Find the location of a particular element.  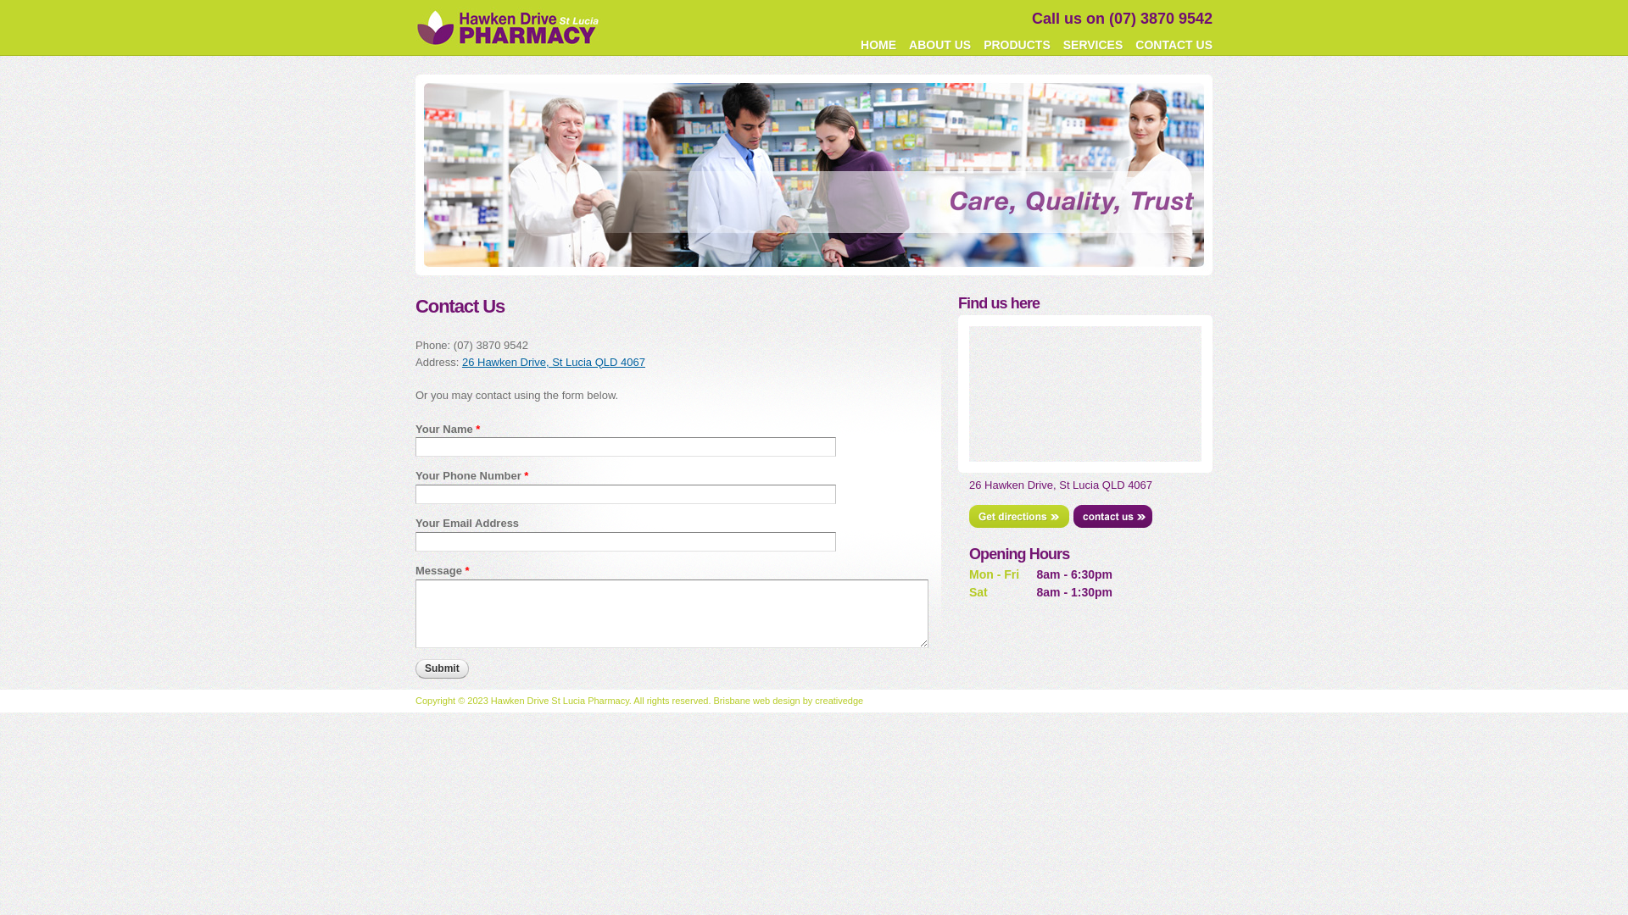

'Skip to main content' is located at coordinates (782, 2).